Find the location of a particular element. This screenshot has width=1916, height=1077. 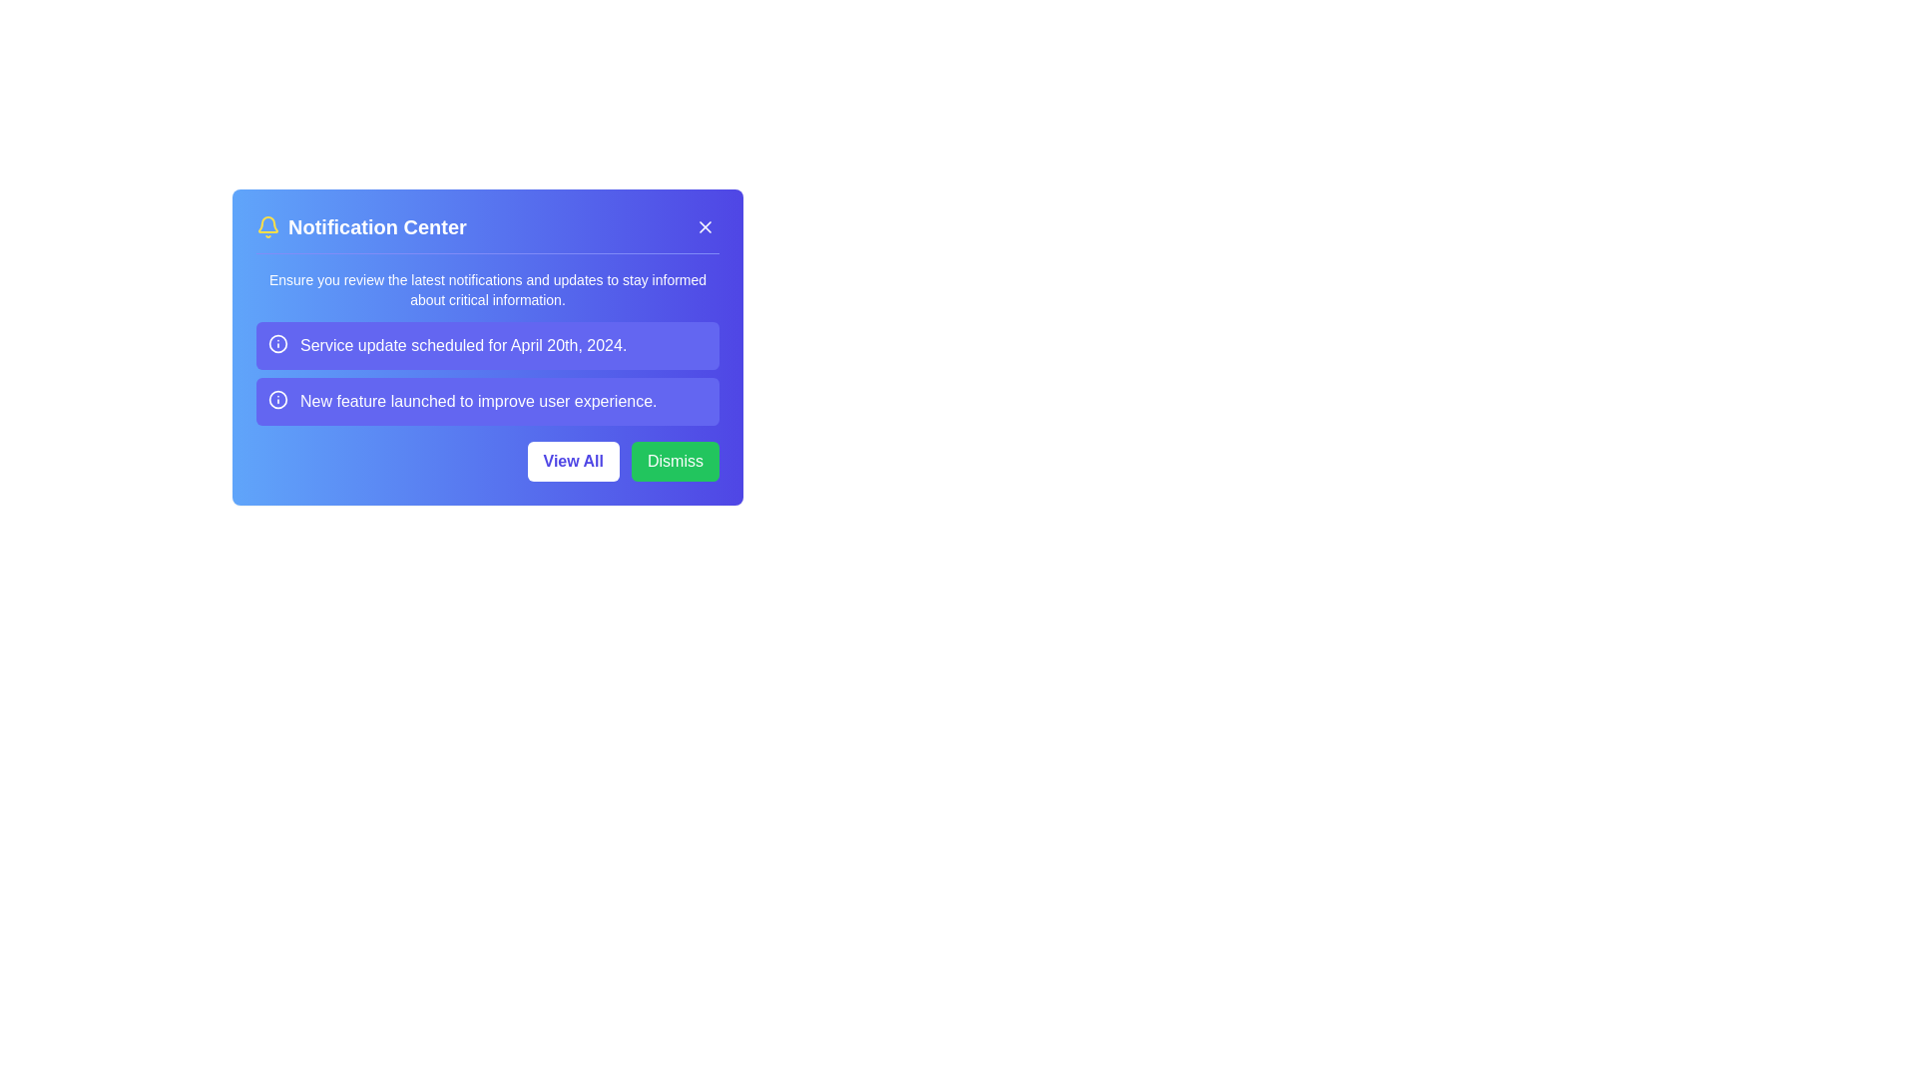

the 'Dismiss' button located at the bottom-right corner of the Notification Center, which is part of a control area containing the 'View All' button to its left is located at coordinates (488, 461).